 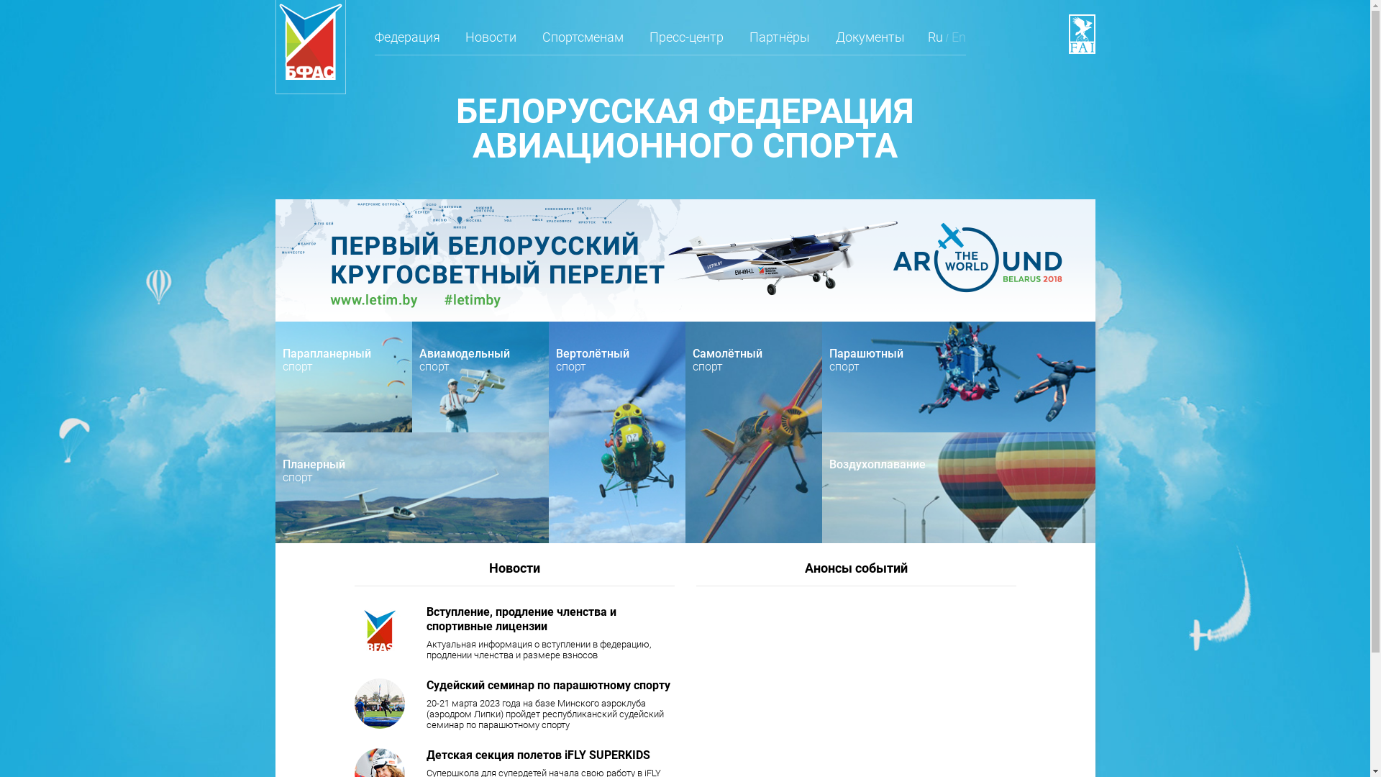 What do you see at coordinates (935, 42) in the screenshot?
I see `'Ru'` at bounding box center [935, 42].